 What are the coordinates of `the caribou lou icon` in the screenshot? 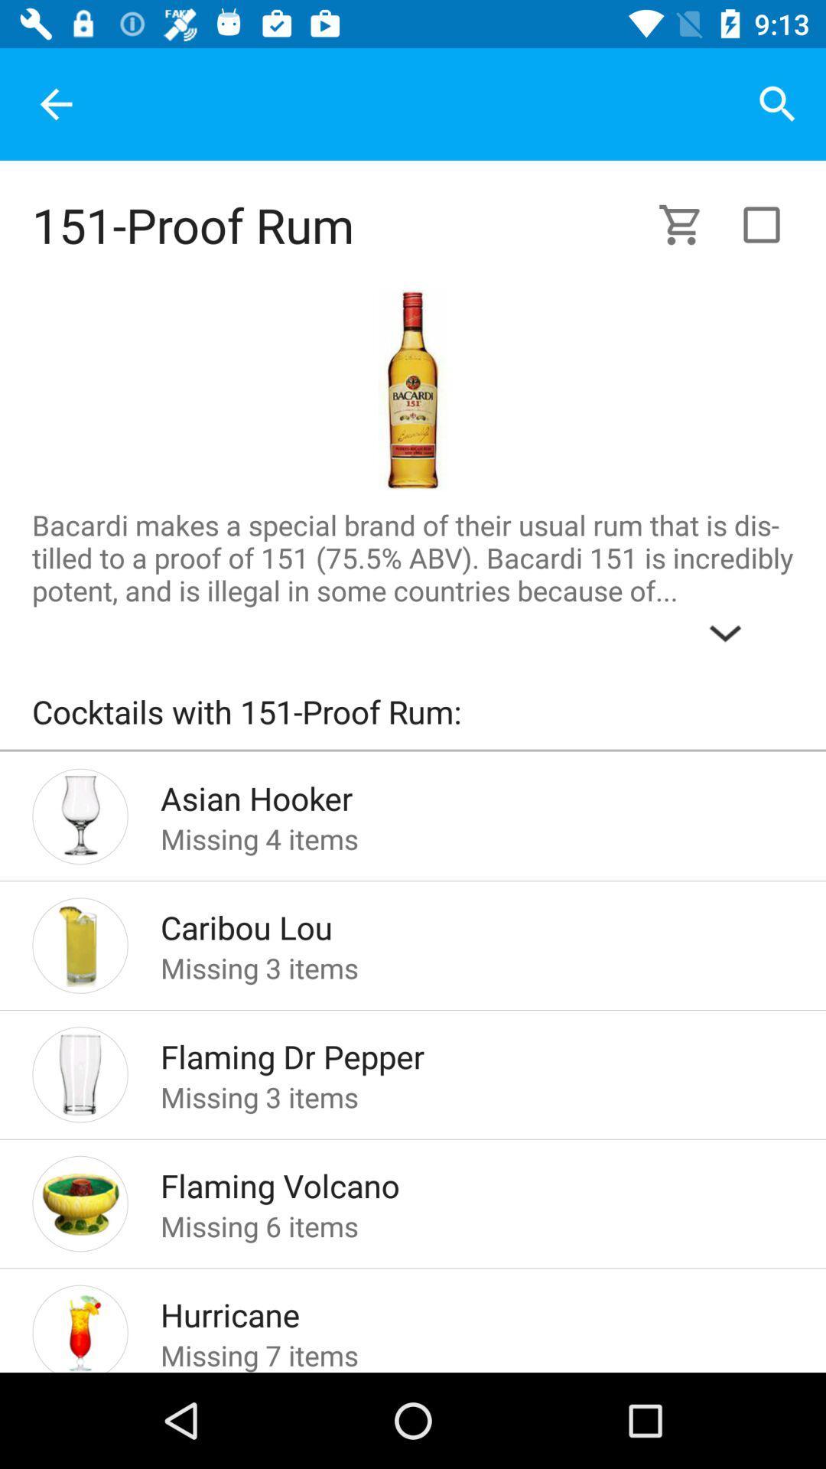 It's located at (452, 922).